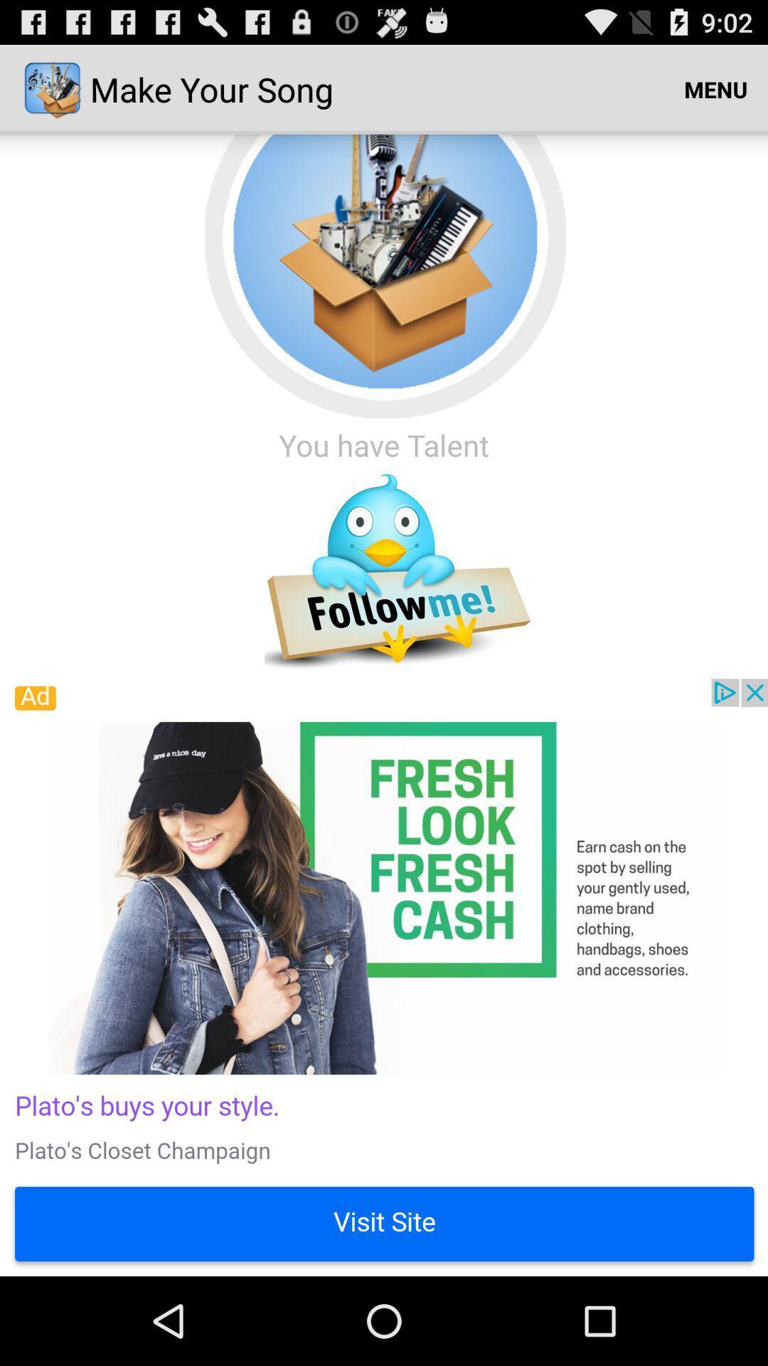  I want to click on visit the website, so click(384, 976).